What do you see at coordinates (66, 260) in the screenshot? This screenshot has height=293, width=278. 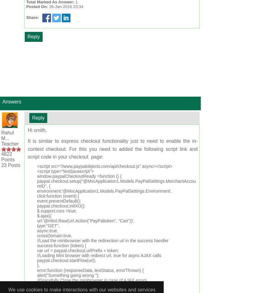 I see `'paypal.checkout.startFlow(url);'` at bounding box center [66, 260].